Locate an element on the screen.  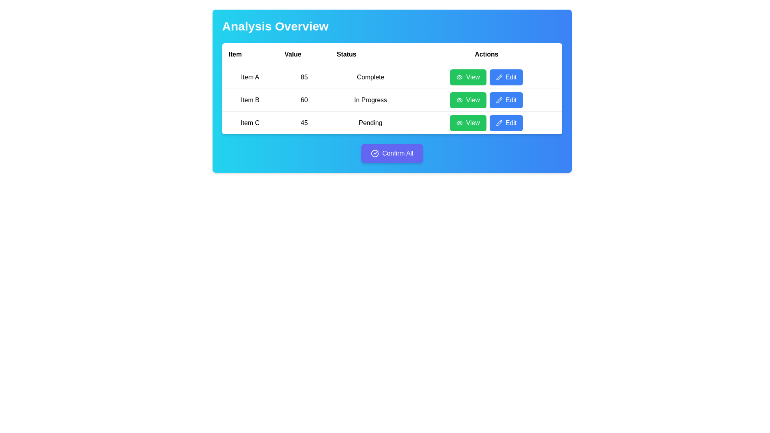
the blue 'Edit' button with the pencil icon in the 'Actions' column of the third row in the table is located at coordinates (506, 123).